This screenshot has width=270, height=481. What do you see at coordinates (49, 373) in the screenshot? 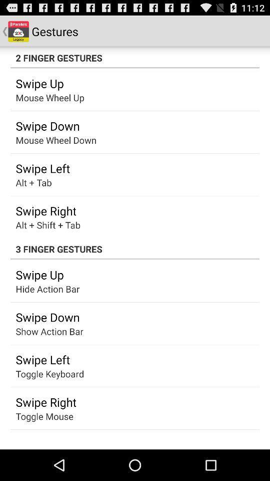
I see `the toggle keyboard app` at bounding box center [49, 373].